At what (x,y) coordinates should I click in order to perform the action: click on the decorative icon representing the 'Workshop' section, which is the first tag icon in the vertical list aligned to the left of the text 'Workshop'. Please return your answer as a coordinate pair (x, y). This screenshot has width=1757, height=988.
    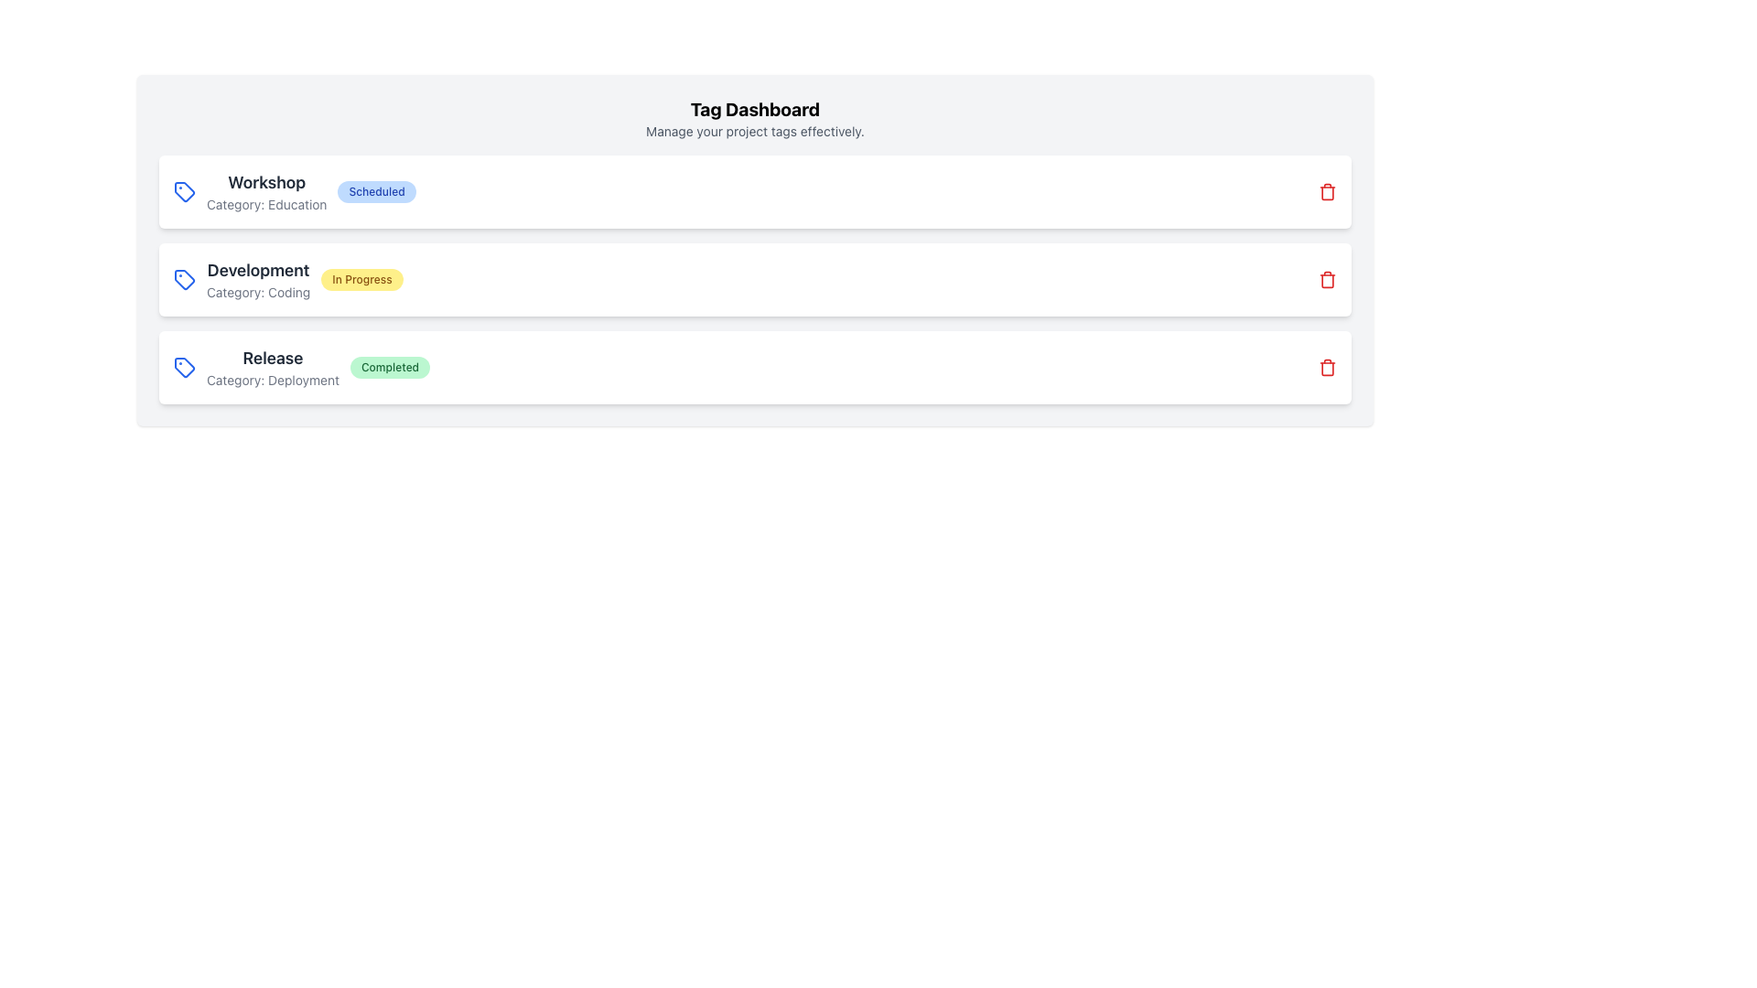
    Looking at the image, I should click on (184, 191).